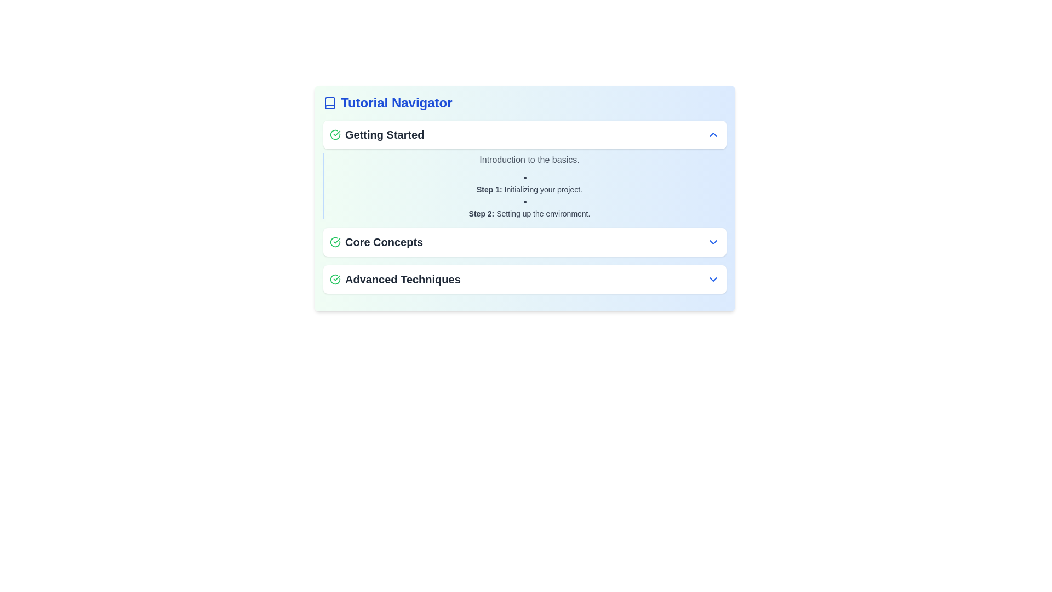 The image size is (1052, 592). I want to click on the instructional Text block with a list located in the 'Getting Started' section of the collapsible list interface for additional tooltips if available, so click(524, 185).